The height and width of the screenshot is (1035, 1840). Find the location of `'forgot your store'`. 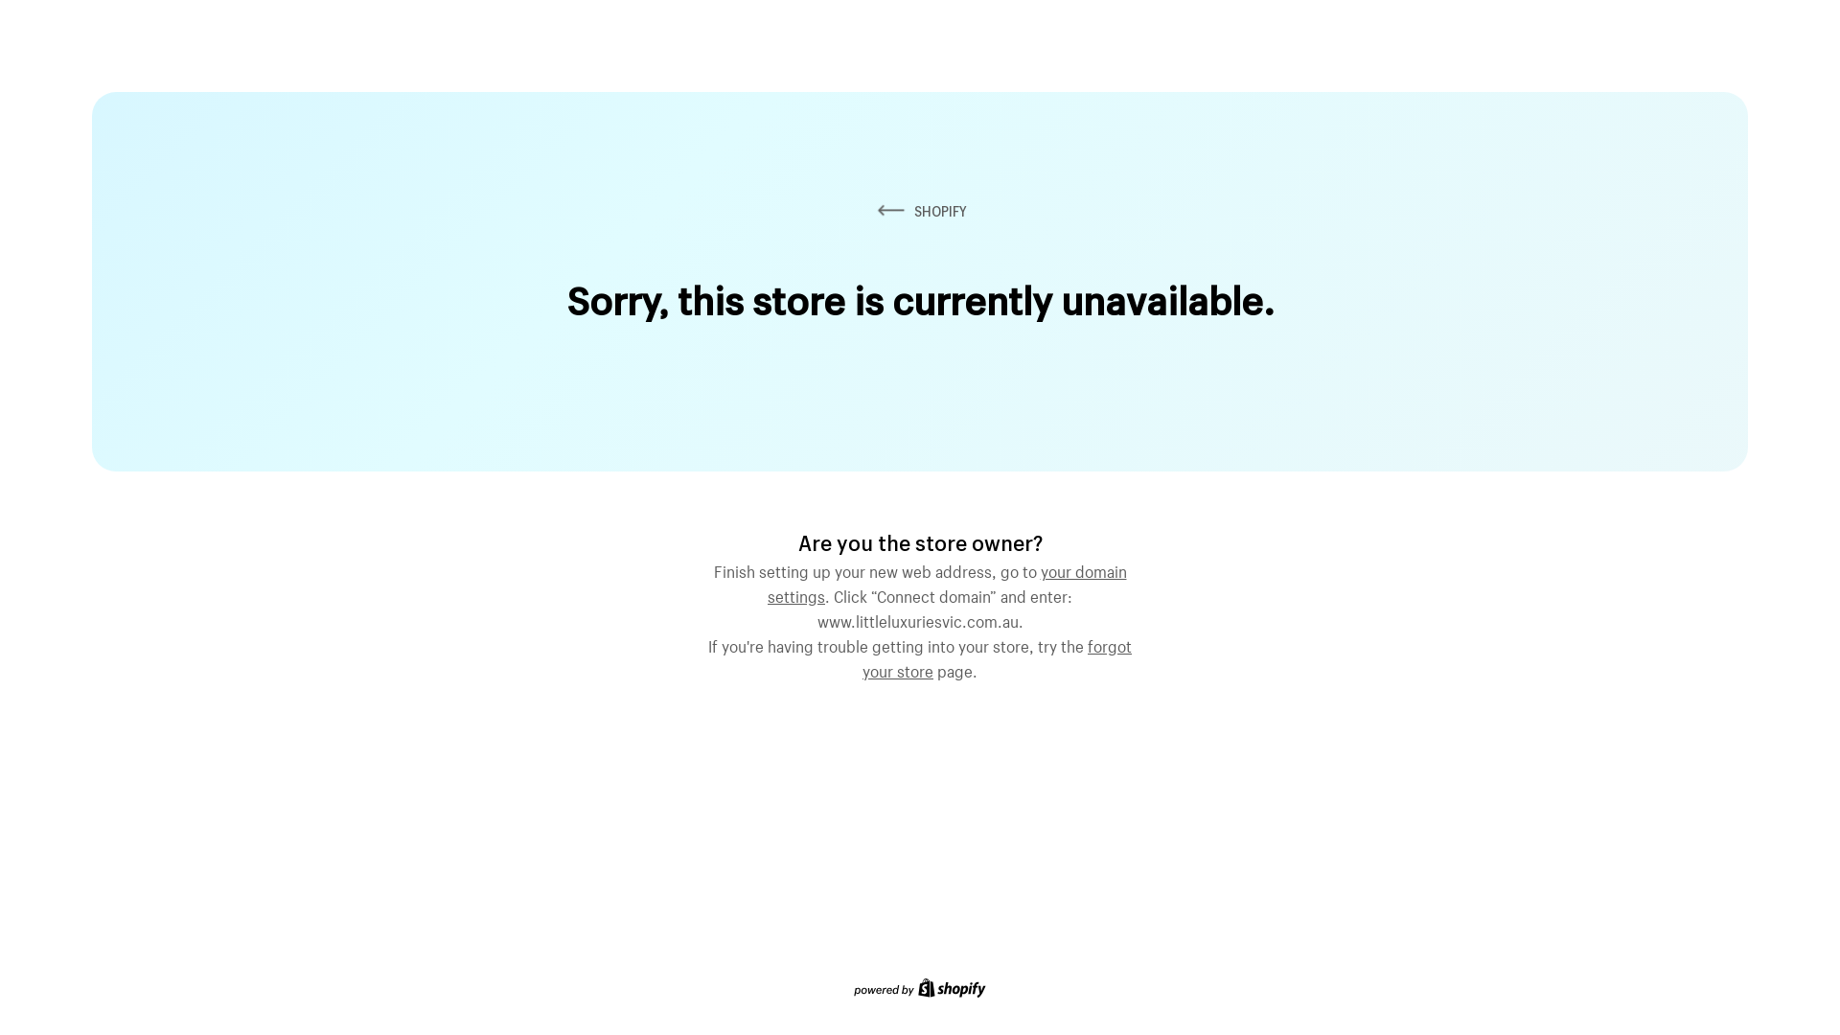

'forgot your store' is located at coordinates (997, 655).